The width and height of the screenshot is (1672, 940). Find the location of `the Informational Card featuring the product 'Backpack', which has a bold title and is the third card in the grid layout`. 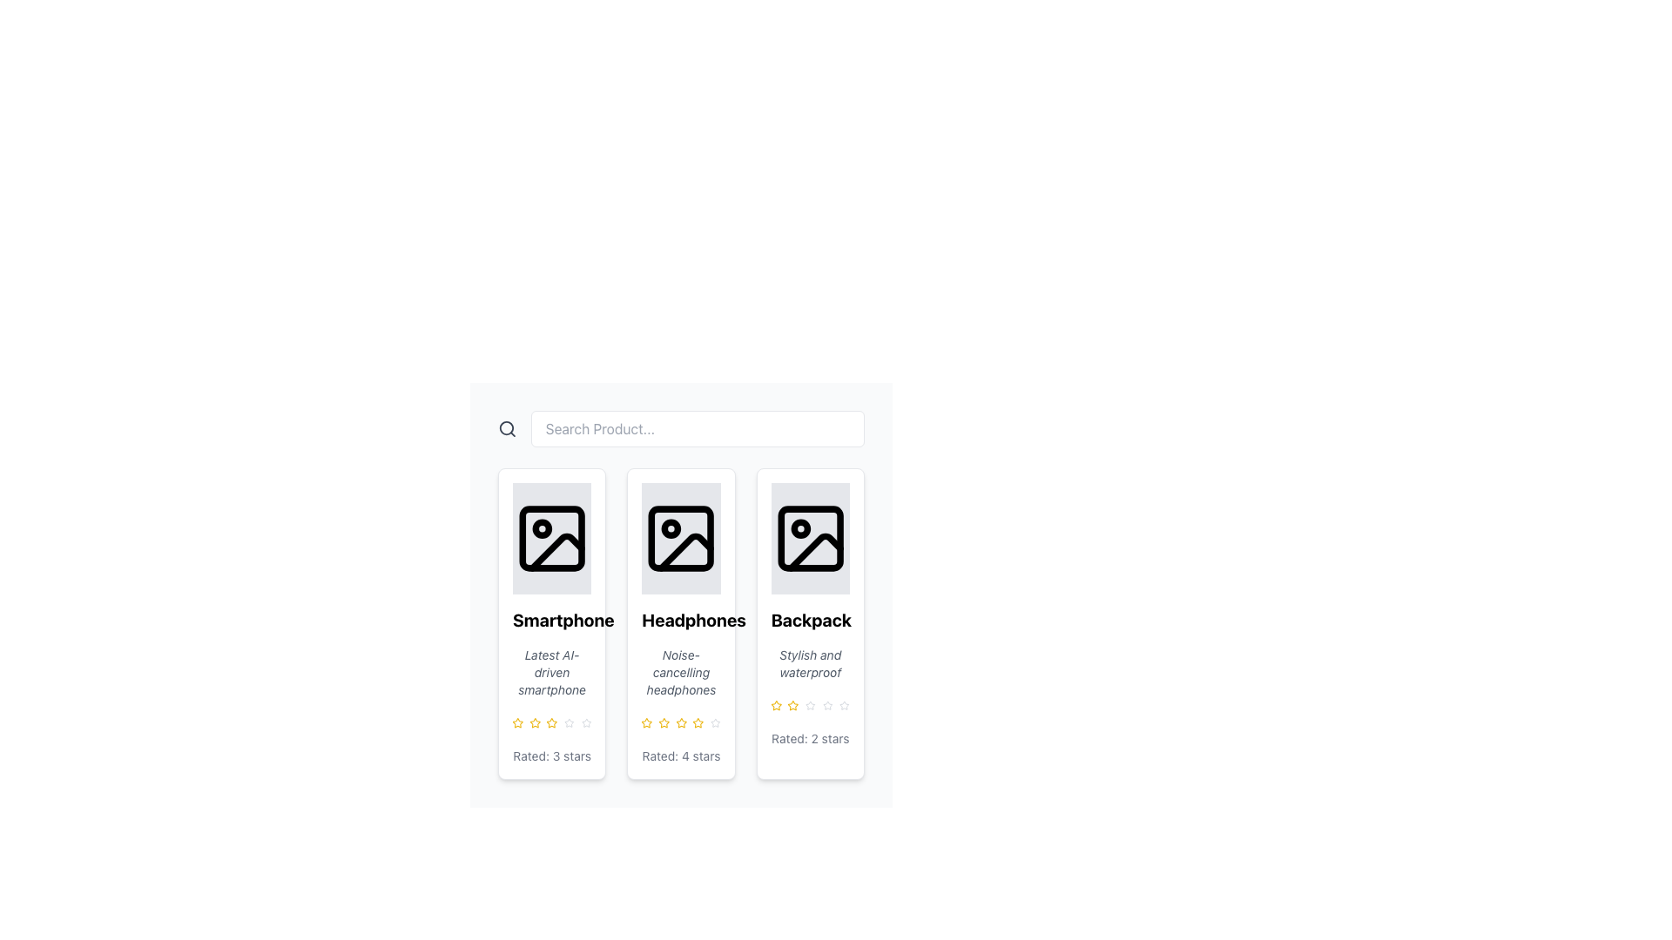

the Informational Card featuring the product 'Backpack', which has a bold title and is the third card in the grid layout is located at coordinates (809, 623).